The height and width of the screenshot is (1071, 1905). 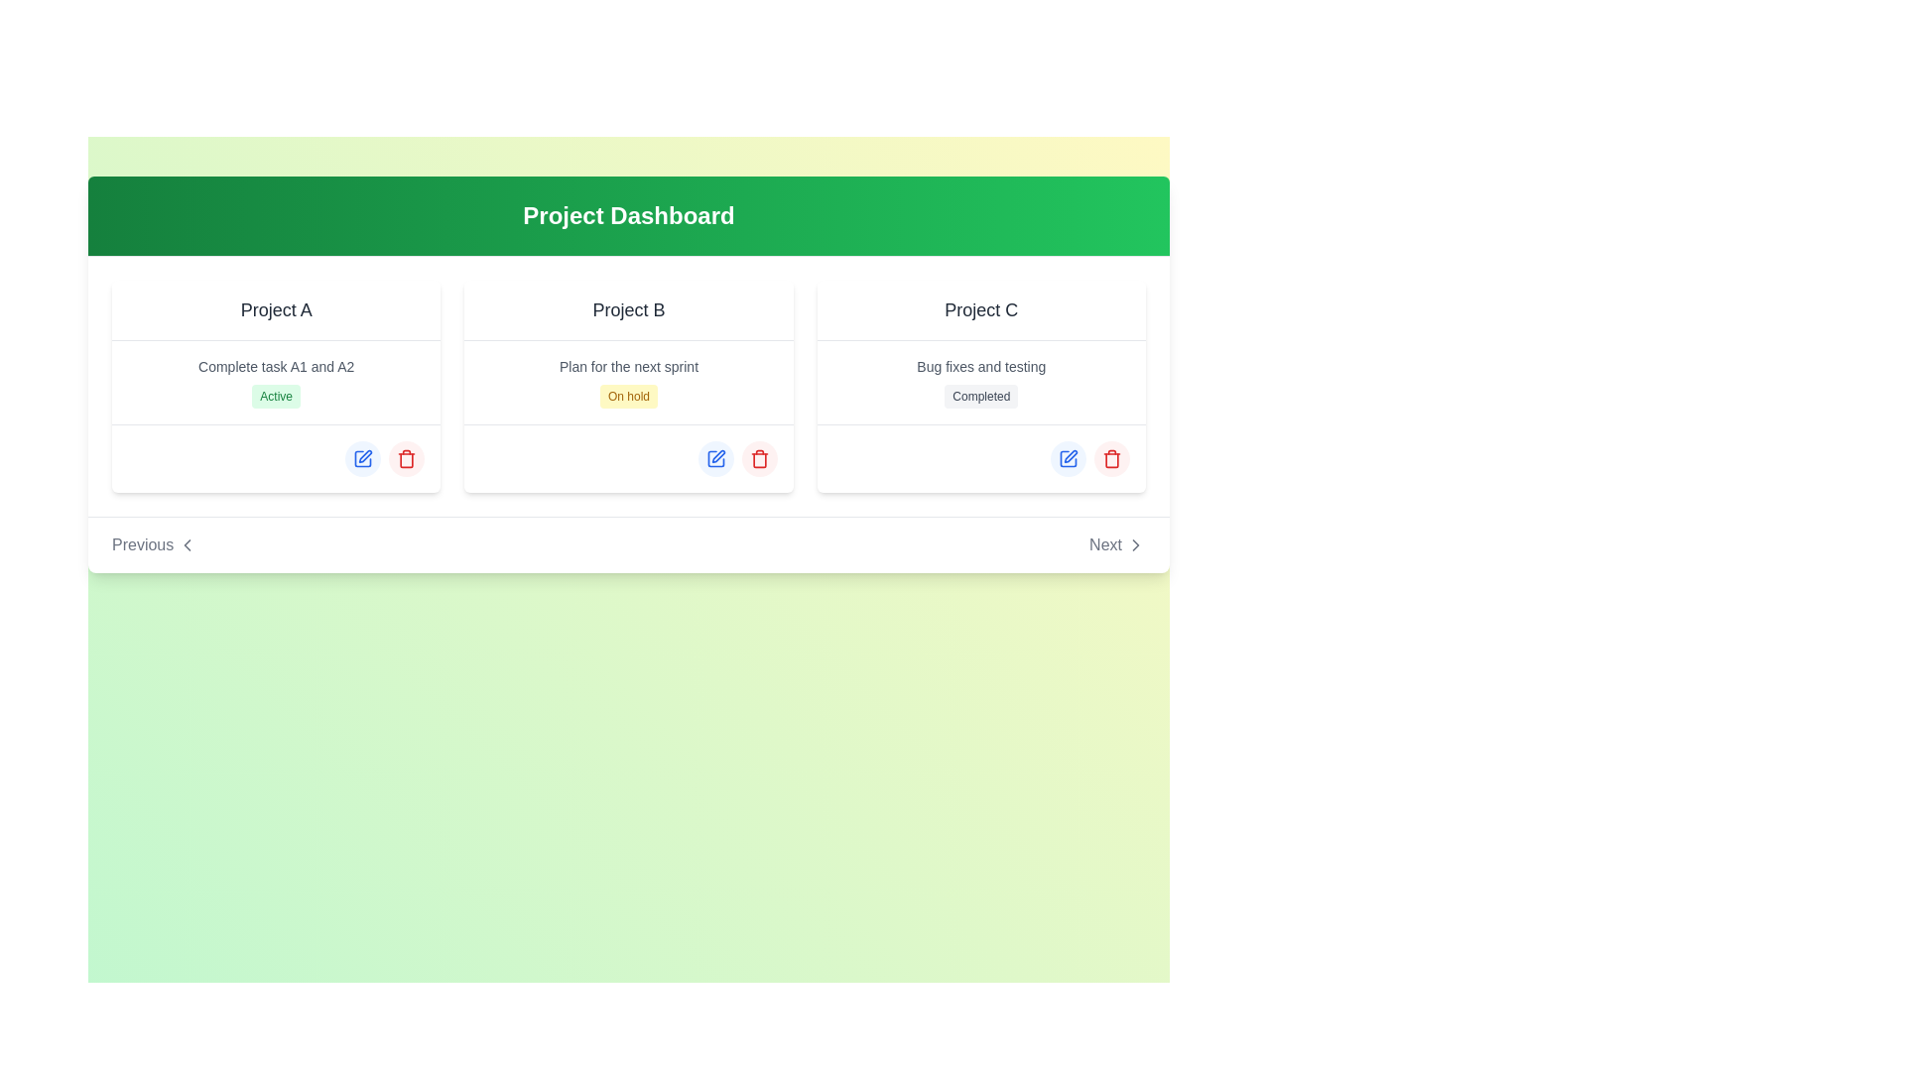 I want to click on the blue square edit button with a pen icon located in the bottom-right corner of the 'Project C' card to initiate the edit action, so click(x=1067, y=458).